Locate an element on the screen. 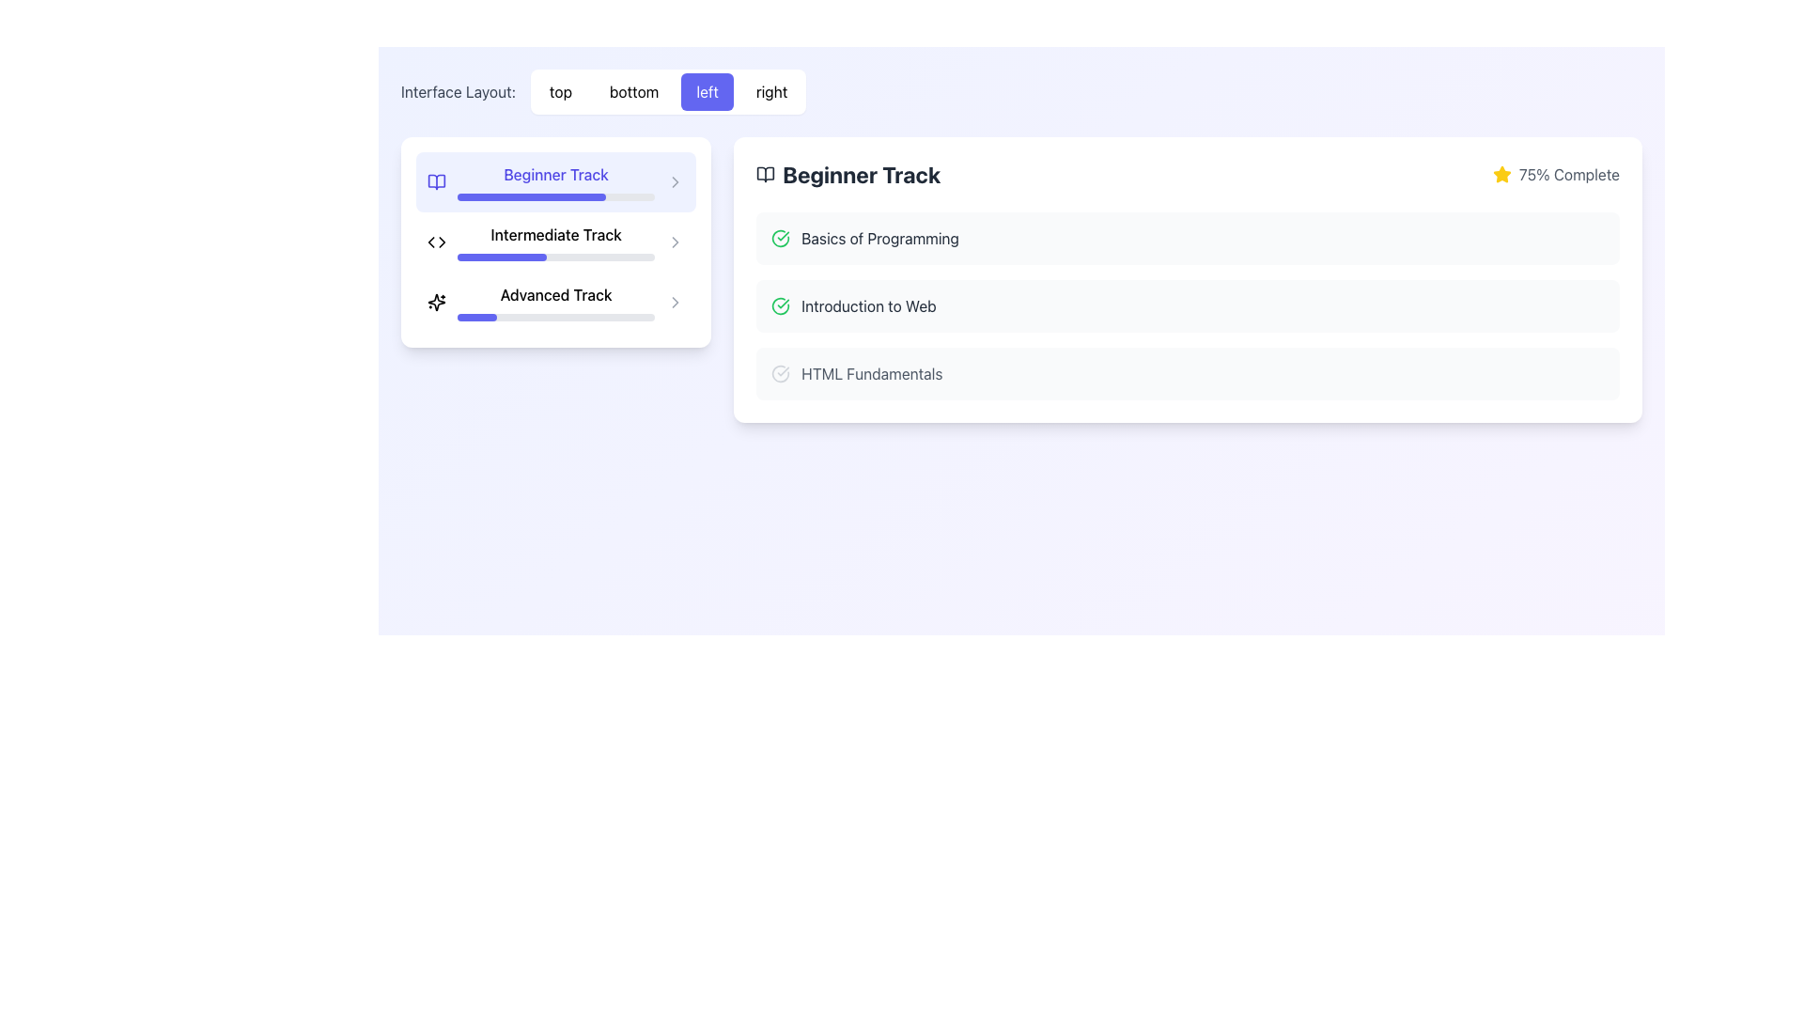 The height and width of the screenshot is (1015, 1804). the text label identifying the 'Basics of Programming' topic, which is the first item in the vertical list of the 'Beginner Track' section is located at coordinates (879, 238).